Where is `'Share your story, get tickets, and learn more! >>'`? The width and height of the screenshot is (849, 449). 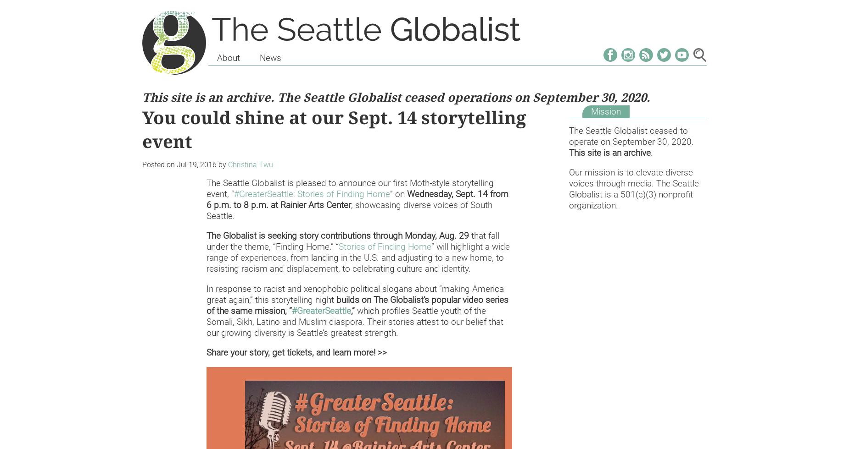 'Share your story, get tickets, and learn more! >>' is located at coordinates (206, 352).